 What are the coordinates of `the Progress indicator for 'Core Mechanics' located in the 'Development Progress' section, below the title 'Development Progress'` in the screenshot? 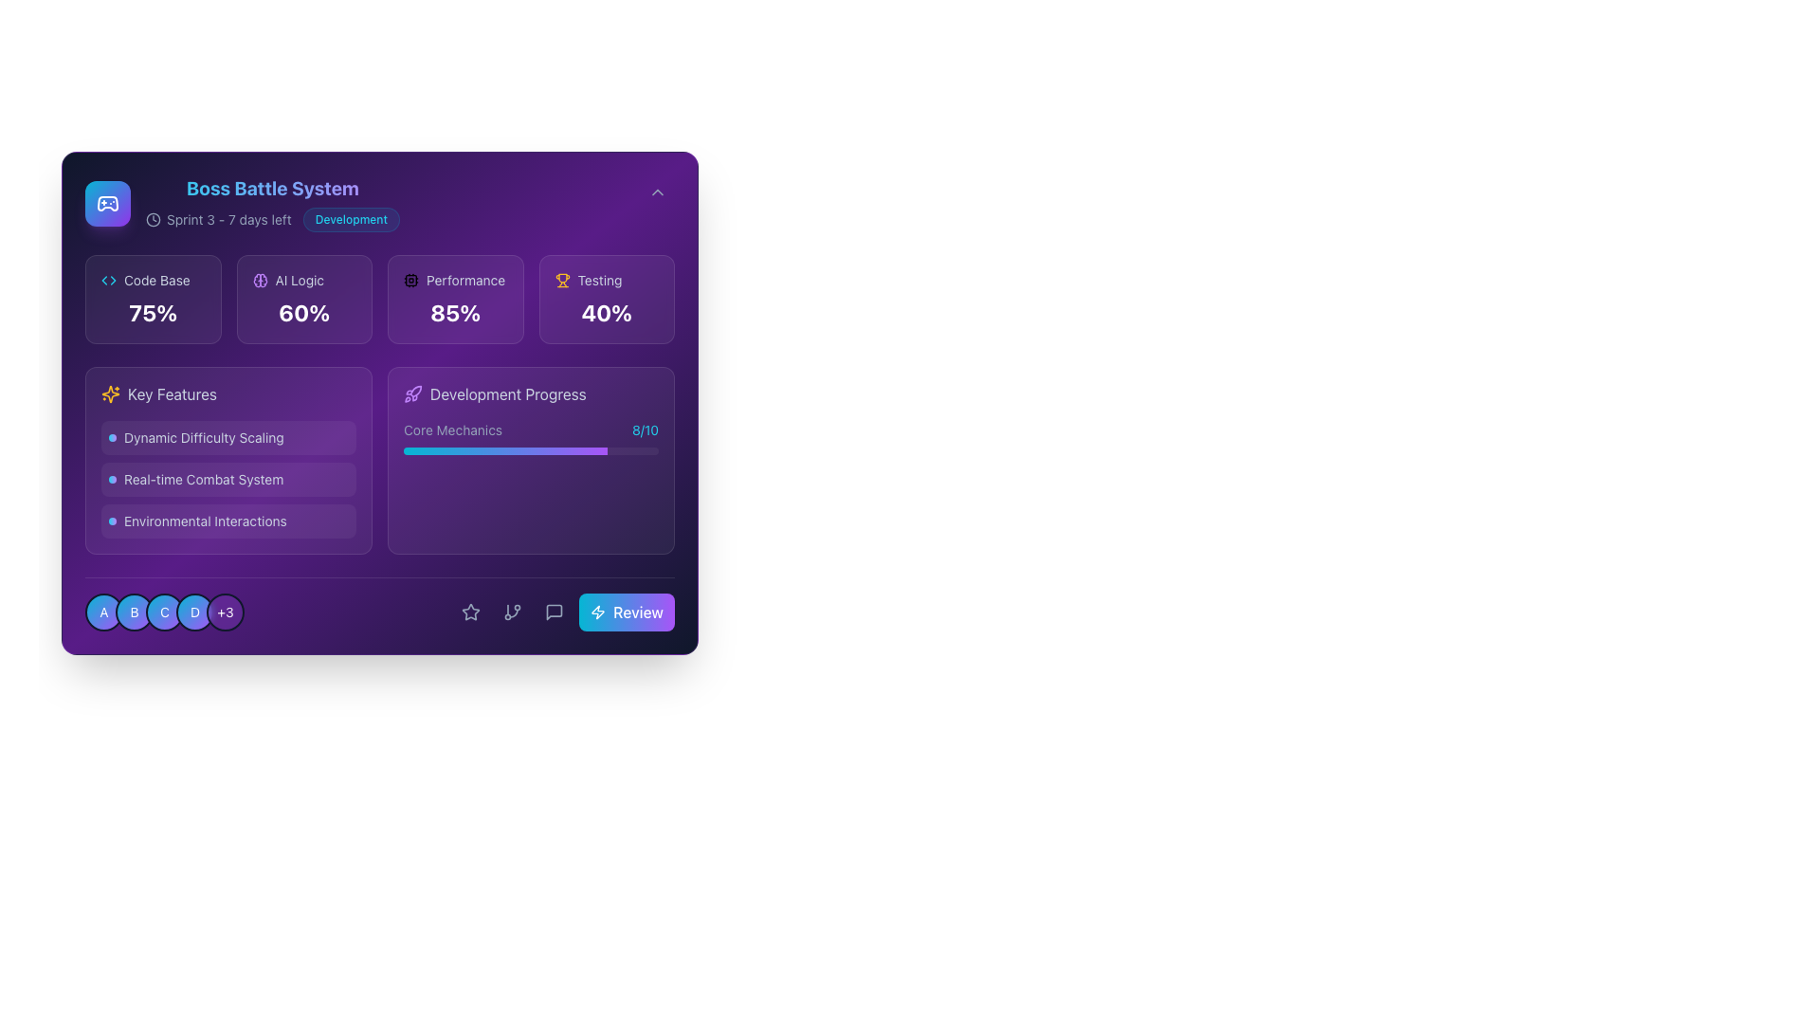 It's located at (531, 438).